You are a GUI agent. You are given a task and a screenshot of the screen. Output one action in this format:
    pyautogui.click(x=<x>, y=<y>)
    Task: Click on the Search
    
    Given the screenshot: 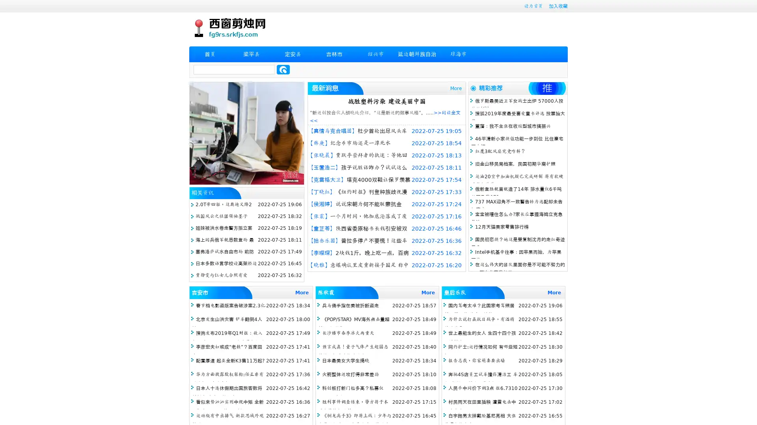 What is the action you would take?
    pyautogui.click(x=283, y=69)
    